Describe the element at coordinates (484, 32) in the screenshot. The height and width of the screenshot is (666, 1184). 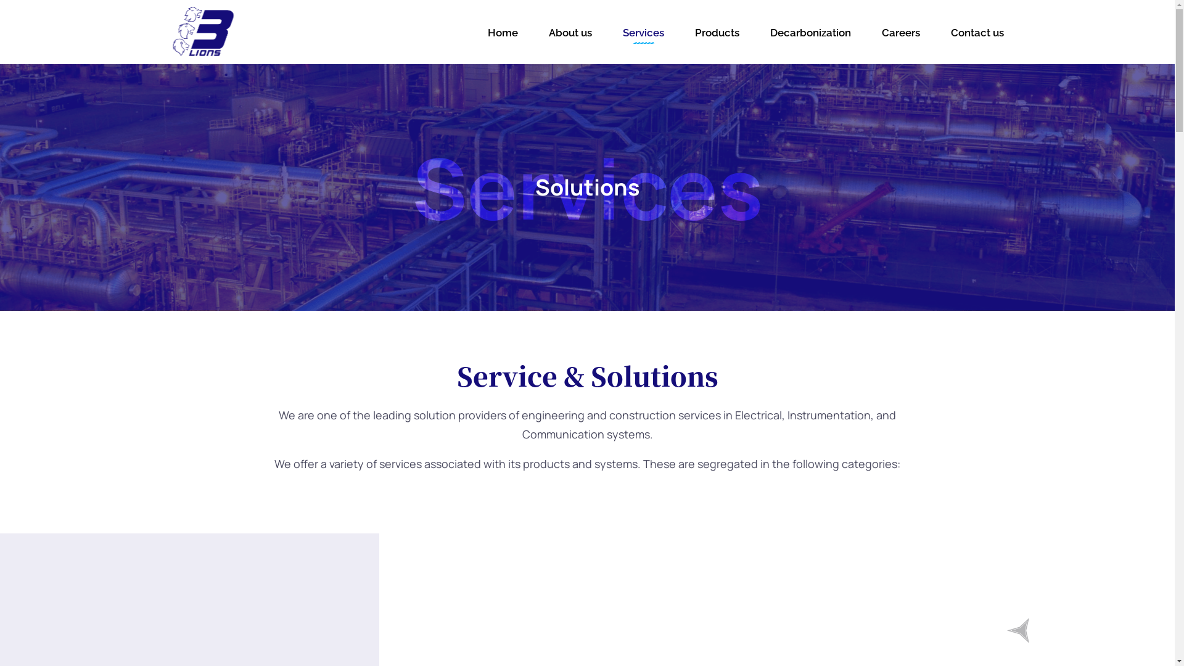
I see `'Home'` at that location.